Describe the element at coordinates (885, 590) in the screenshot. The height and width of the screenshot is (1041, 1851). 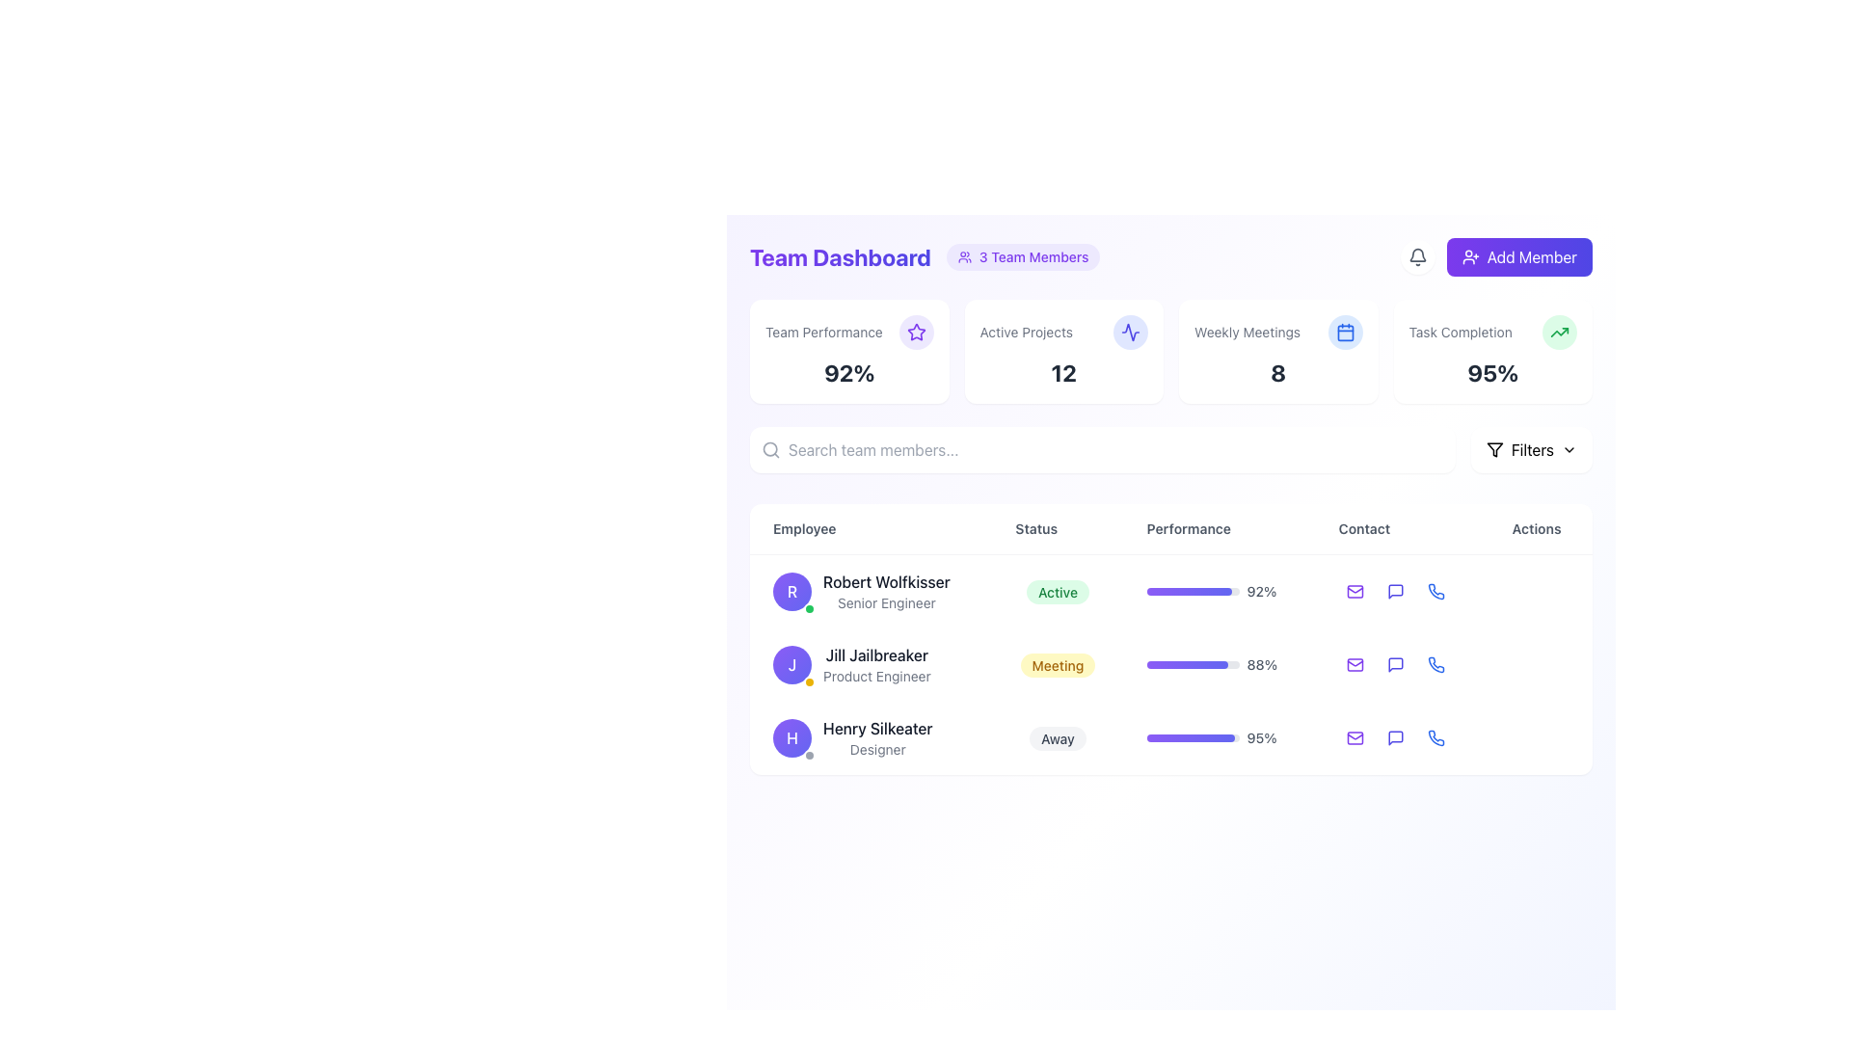
I see `the Text Display (Multi-line) element showing 'Robert Wolfkisser' and 'Senior Engineer' in the first row of the 'Employee' column in the 'Team Dashboard' interface` at that location.